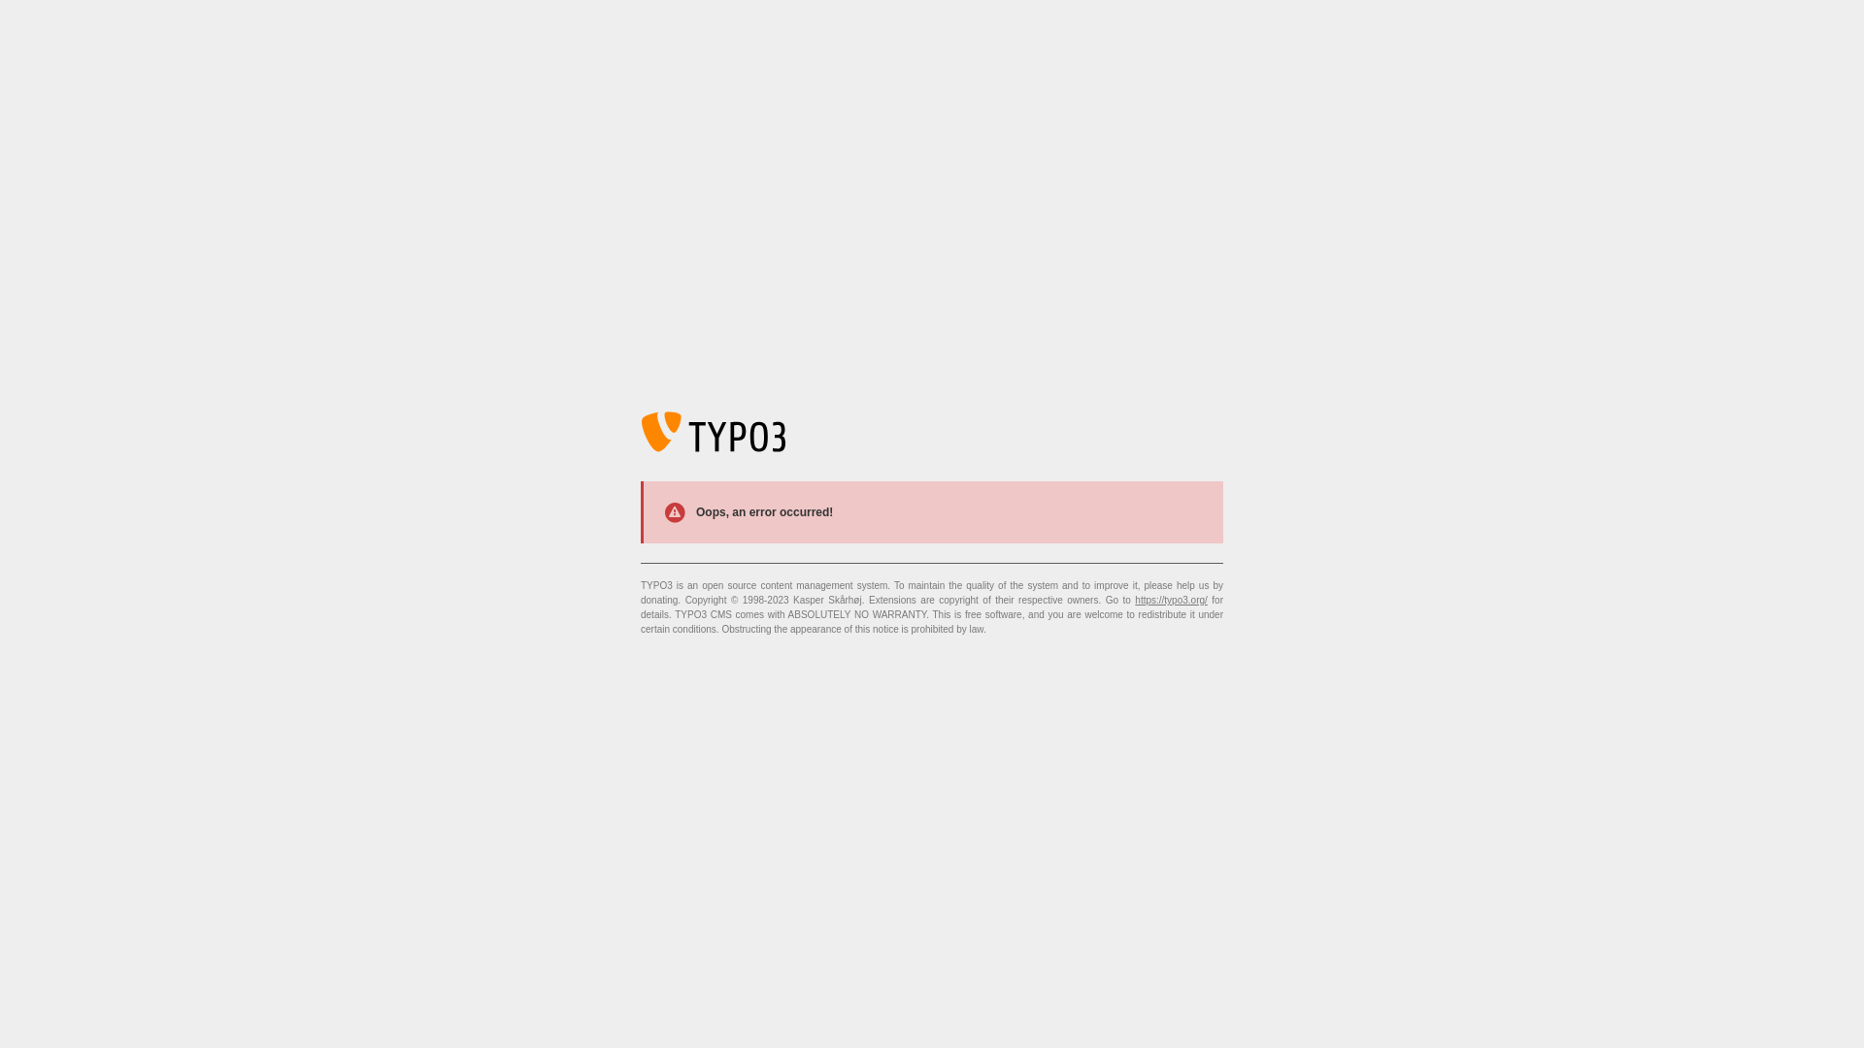 The image size is (1864, 1048). What do you see at coordinates (1170, 599) in the screenshot?
I see `'https://typo3.org/'` at bounding box center [1170, 599].